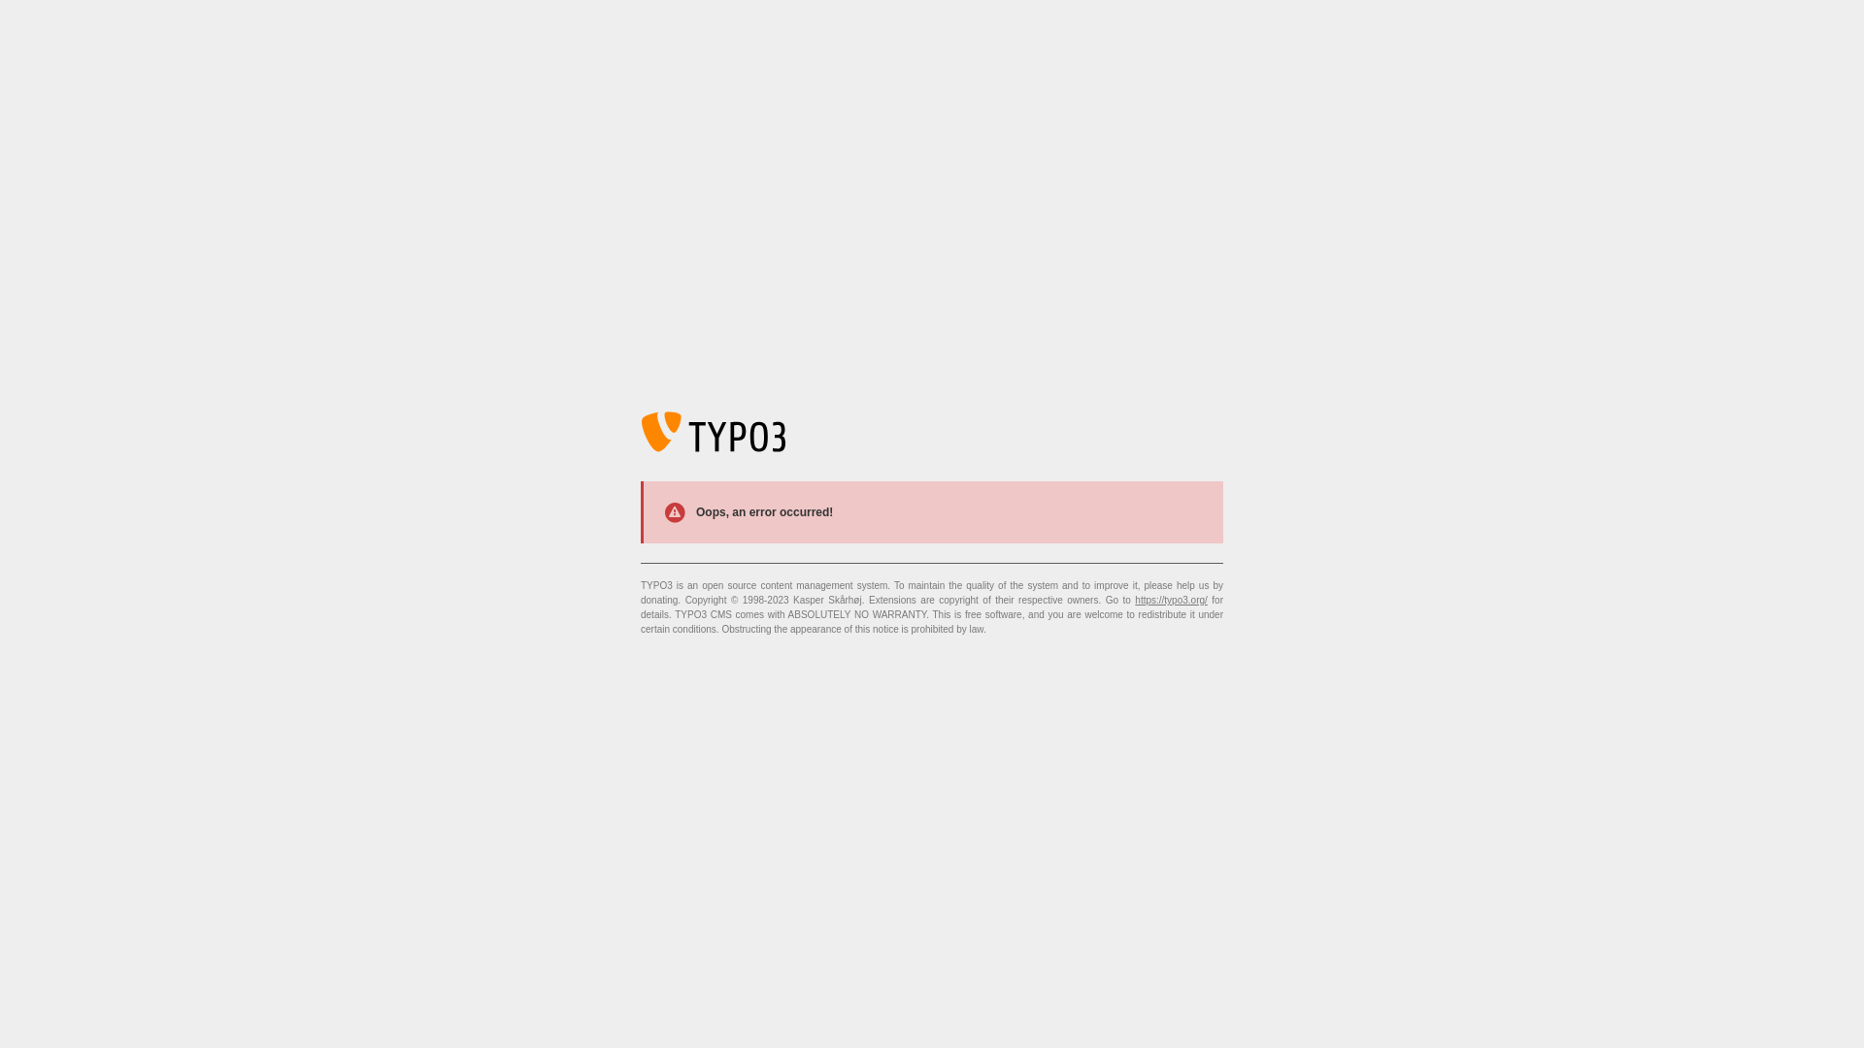 The image size is (1864, 1048). What do you see at coordinates (1170, 599) in the screenshot?
I see `'https://typo3.org/'` at bounding box center [1170, 599].